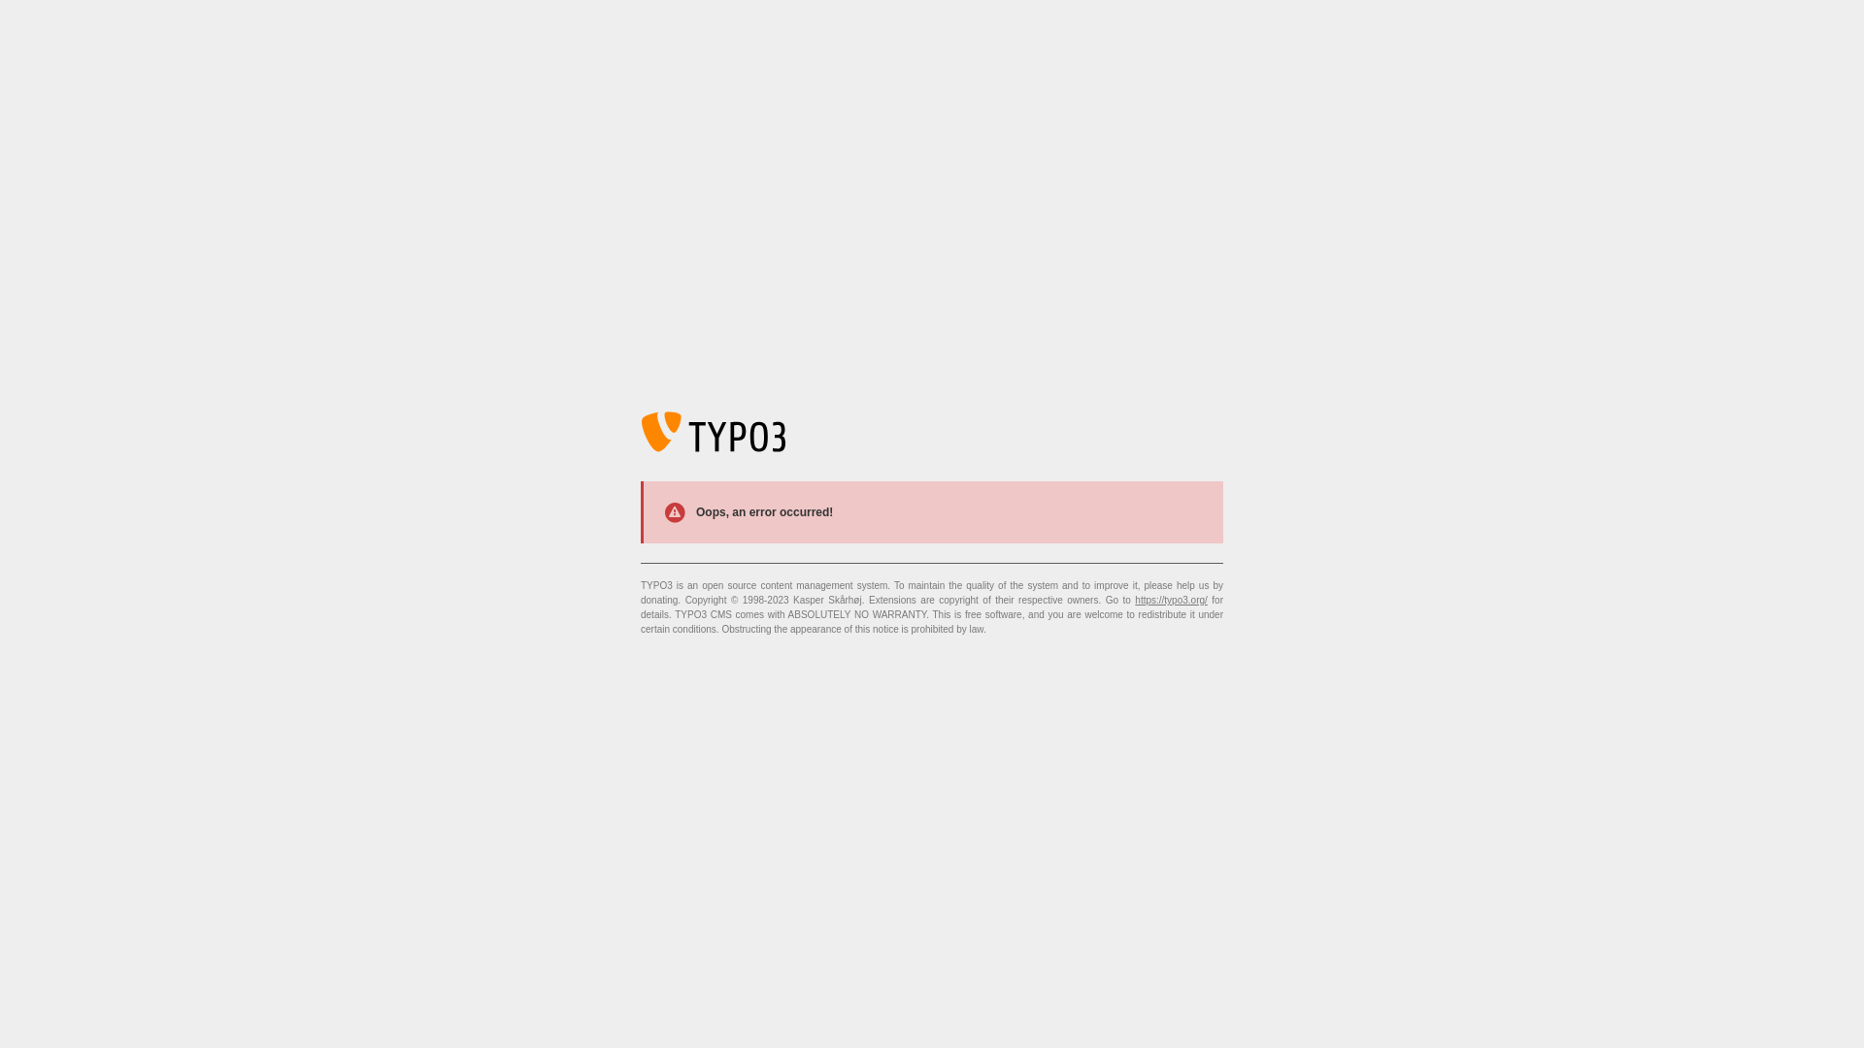 The image size is (1864, 1048). What do you see at coordinates (1170, 599) in the screenshot?
I see `'https://typo3.org/'` at bounding box center [1170, 599].